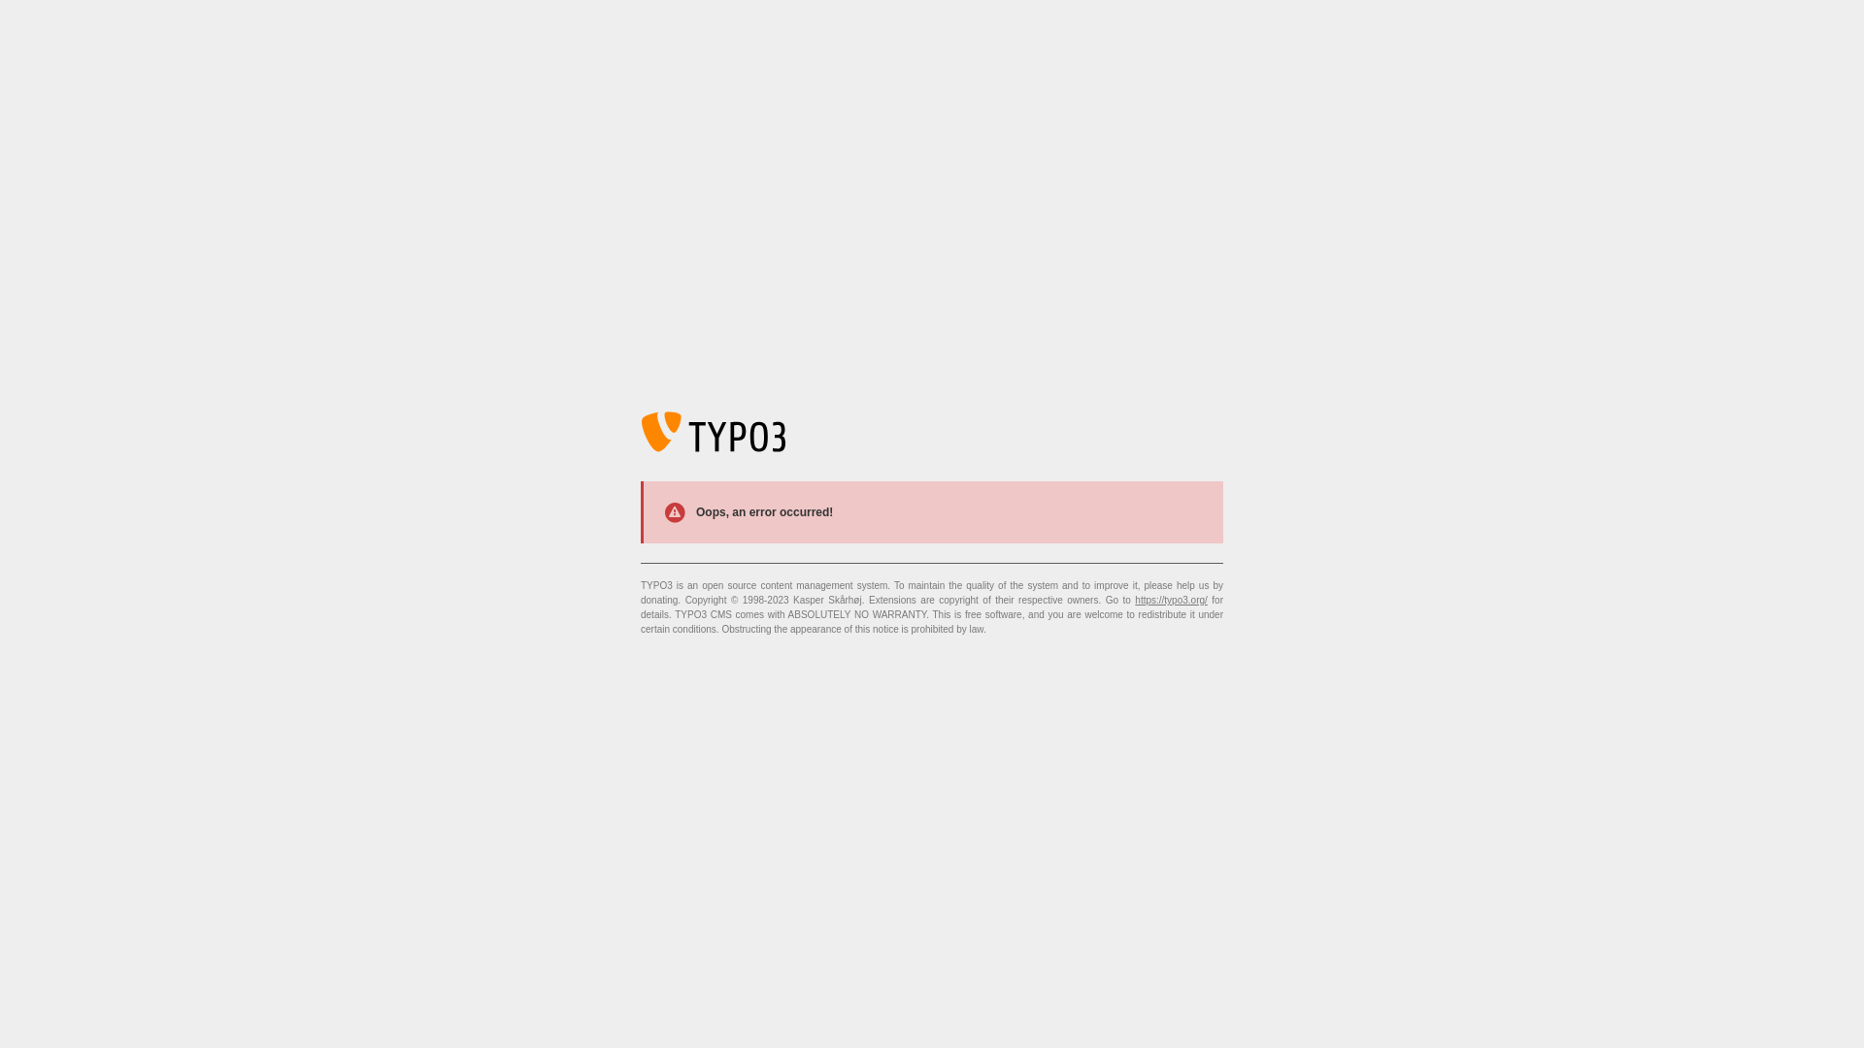 The image size is (1864, 1048). What do you see at coordinates (1170, 599) in the screenshot?
I see `'https://typo3.org/'` at bounding box center [1170, 599].